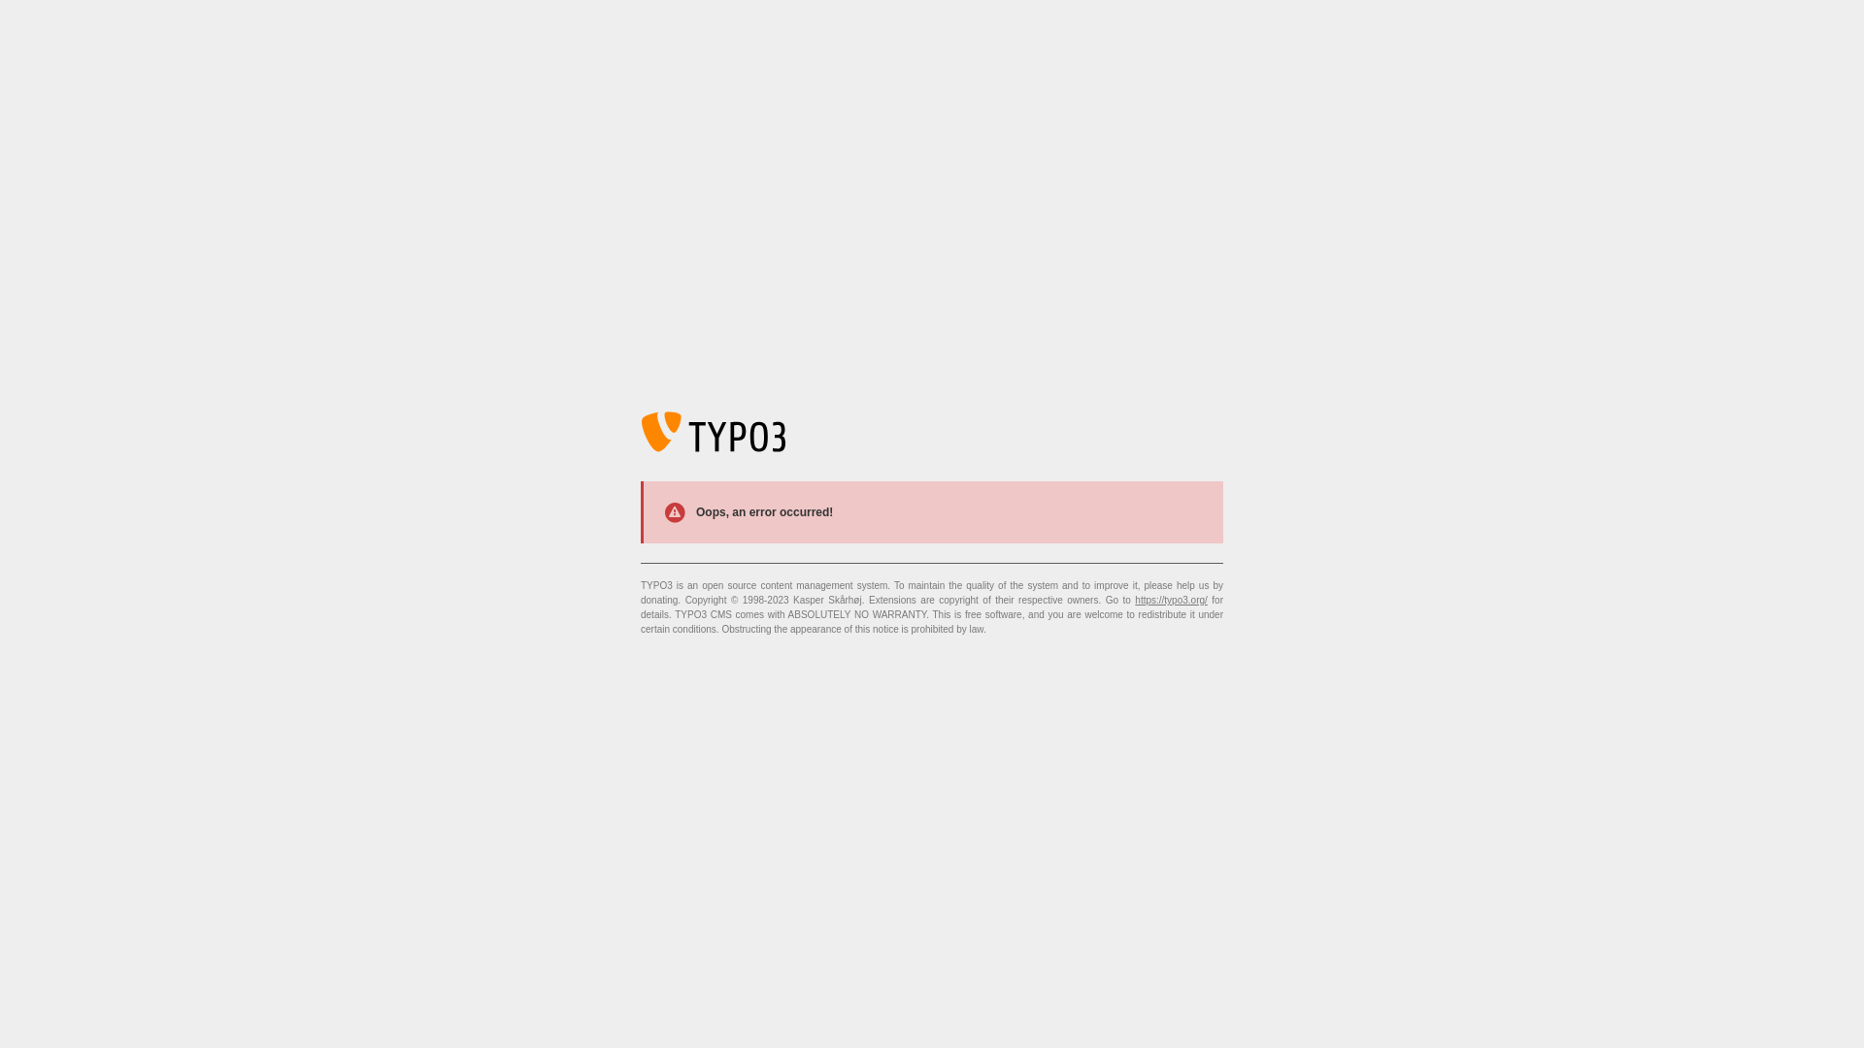 The image size is (1864, 1048). What do you see at coordinates (1170, 599) in the screenshot?
I see `'https://typo3.org/'` at bounding box center [1170, 599].